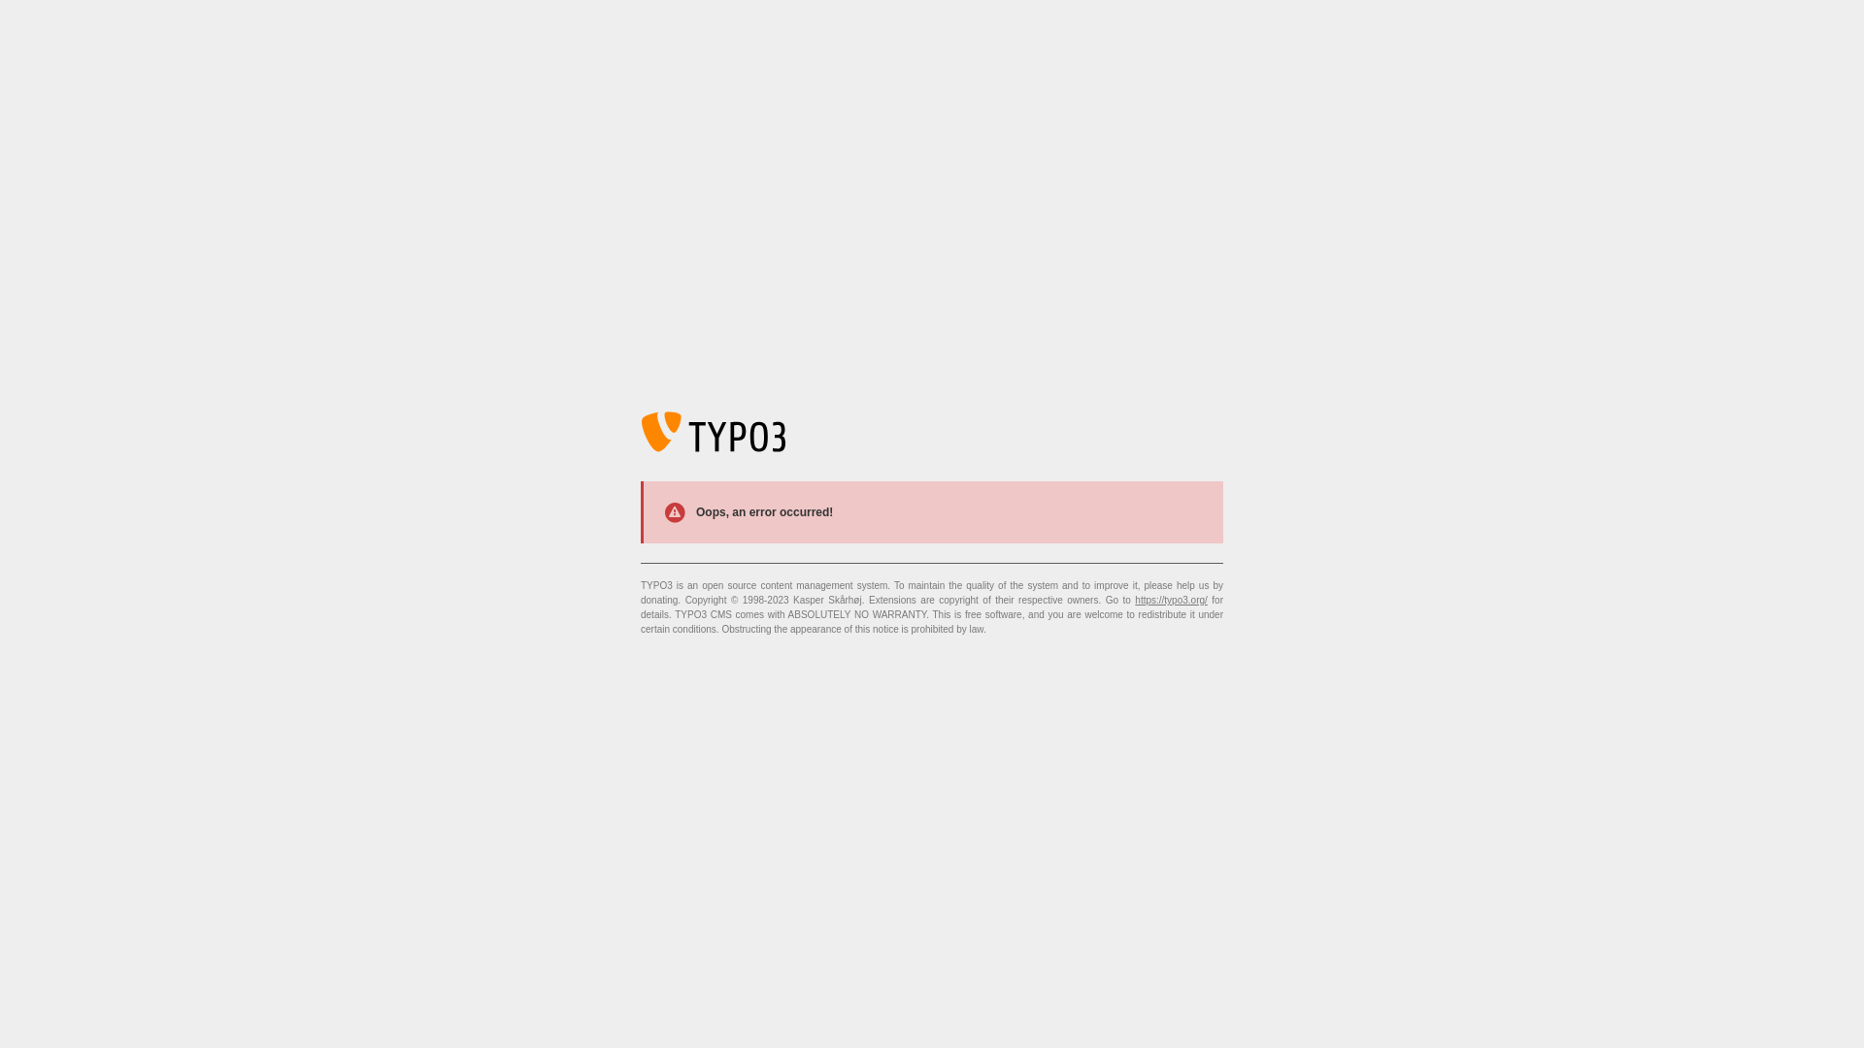 The image size is (1864, 1048). What do you see at coordinates (1170, 599) in the screenshot?
I see `'https://typo3.org/'` at bounding box center [1170, 599].